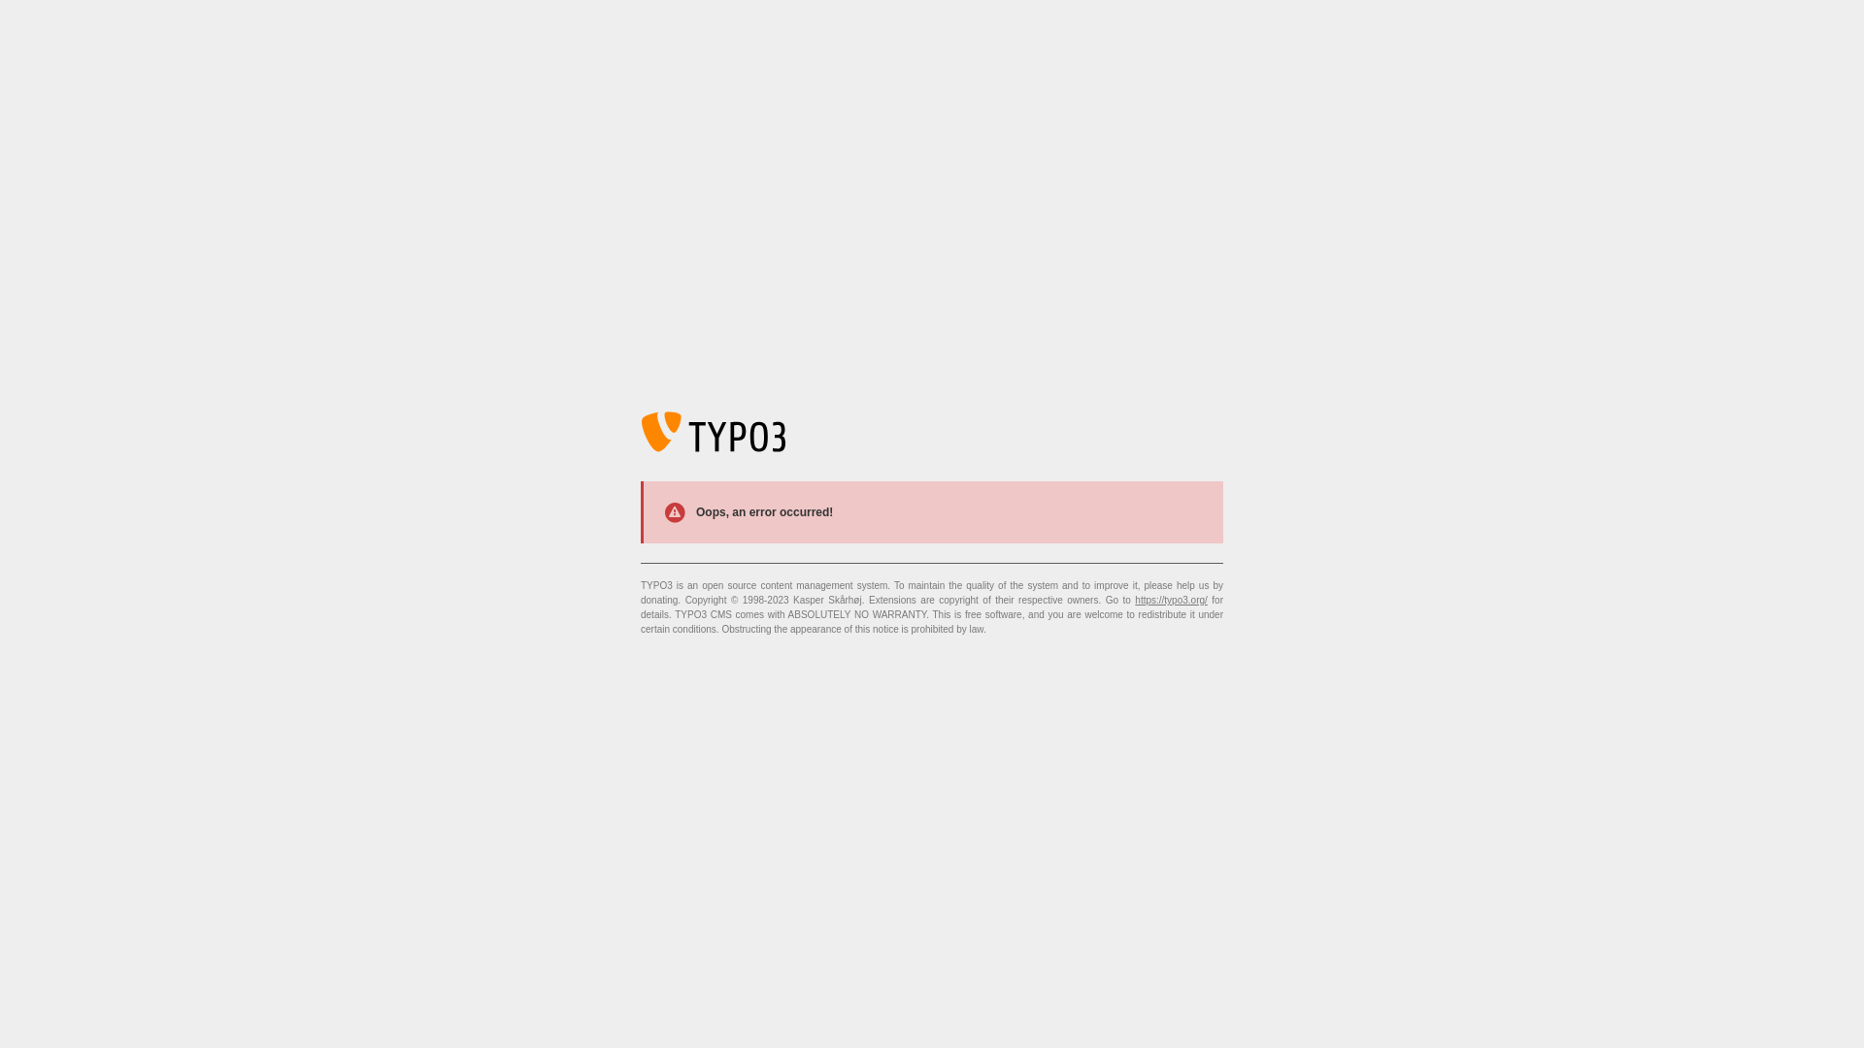 The image size is (1864, 1048). What do you see at coordinates (1170, 599) in the screenshot?
I see `'https://typo3.org/'` at bounding box center [1170, 599].